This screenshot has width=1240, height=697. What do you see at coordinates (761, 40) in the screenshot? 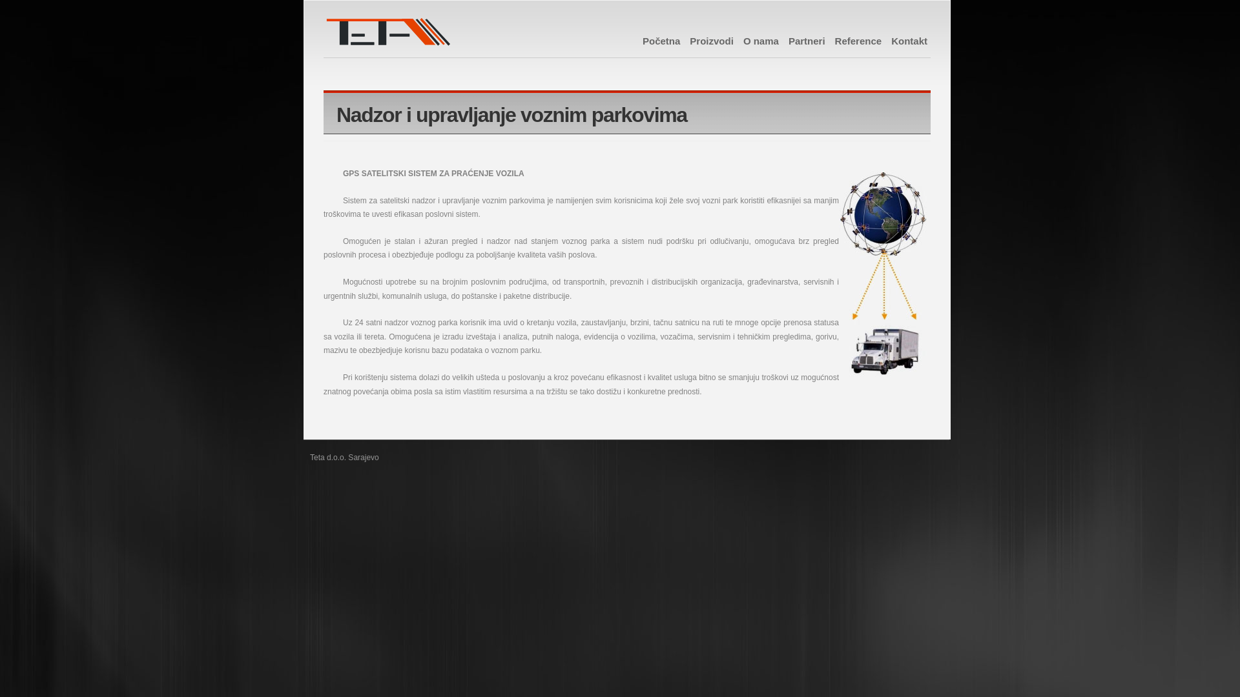
I see `'O nama'` at bounding box center [761, 40].